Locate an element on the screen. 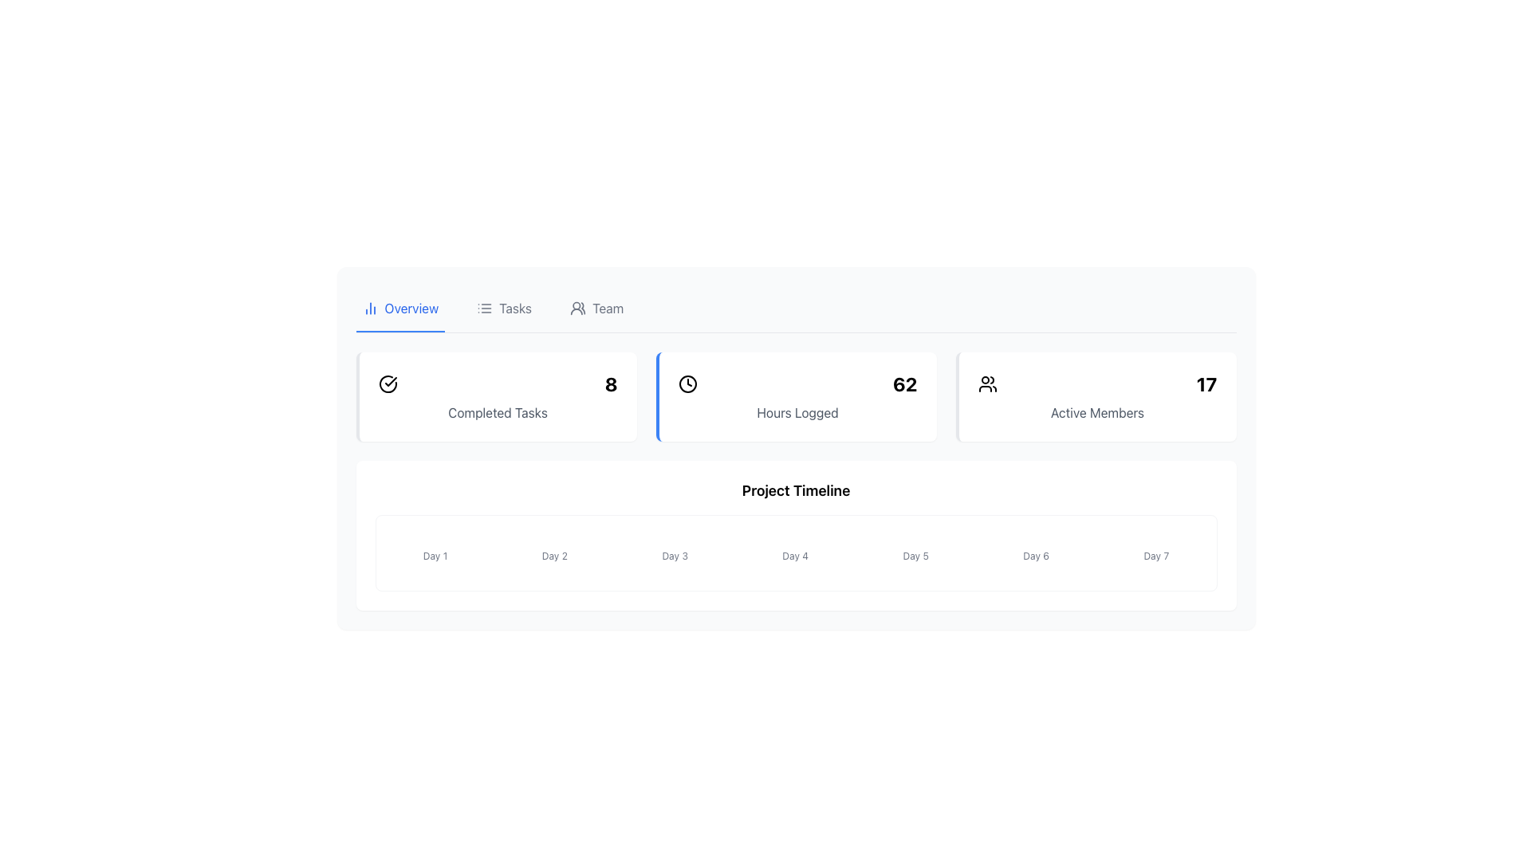  the text label indicating 'Day 6' in the project timeline, which is the sixth element out of seven horizontally aligned elements is located at coordinates (1036, 552).